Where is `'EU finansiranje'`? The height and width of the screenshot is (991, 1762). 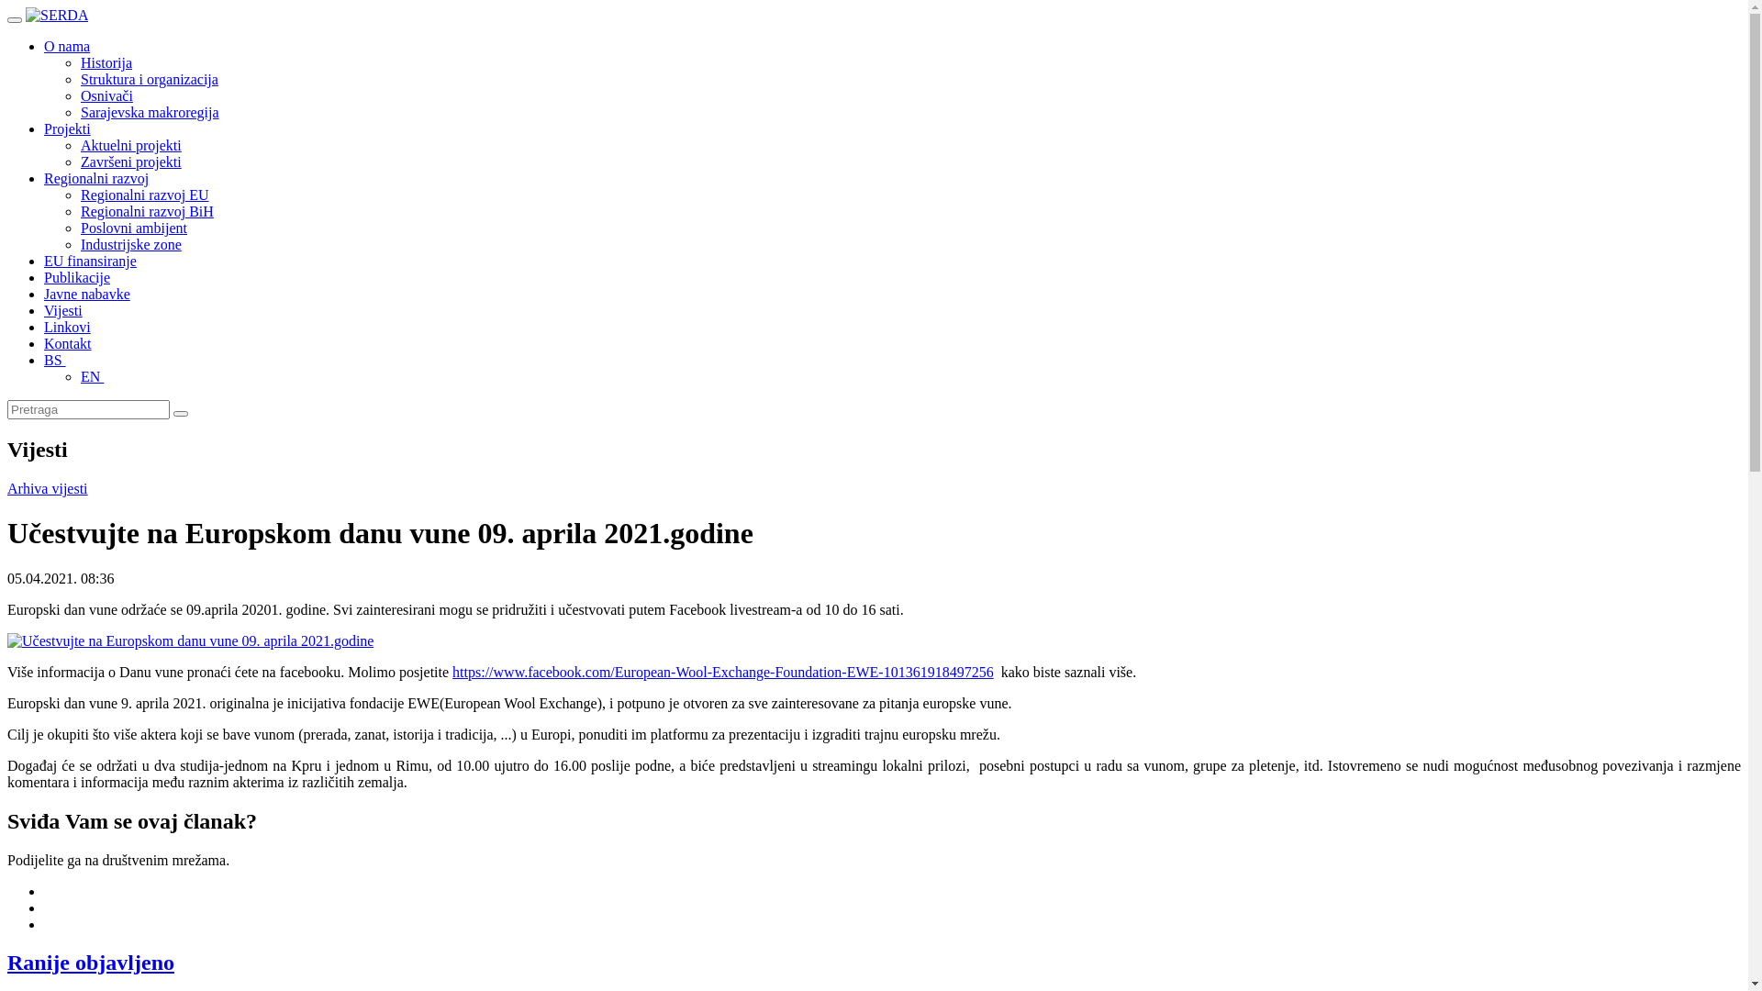 'EU finansiranje' is located at coordinates (89, 261).